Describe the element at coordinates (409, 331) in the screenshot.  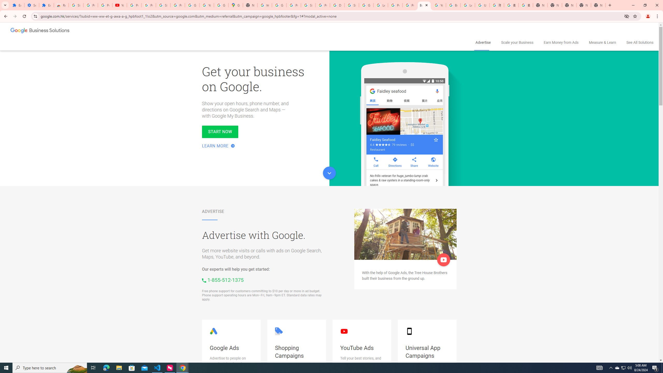
I see `'smartphone black'` at that location.